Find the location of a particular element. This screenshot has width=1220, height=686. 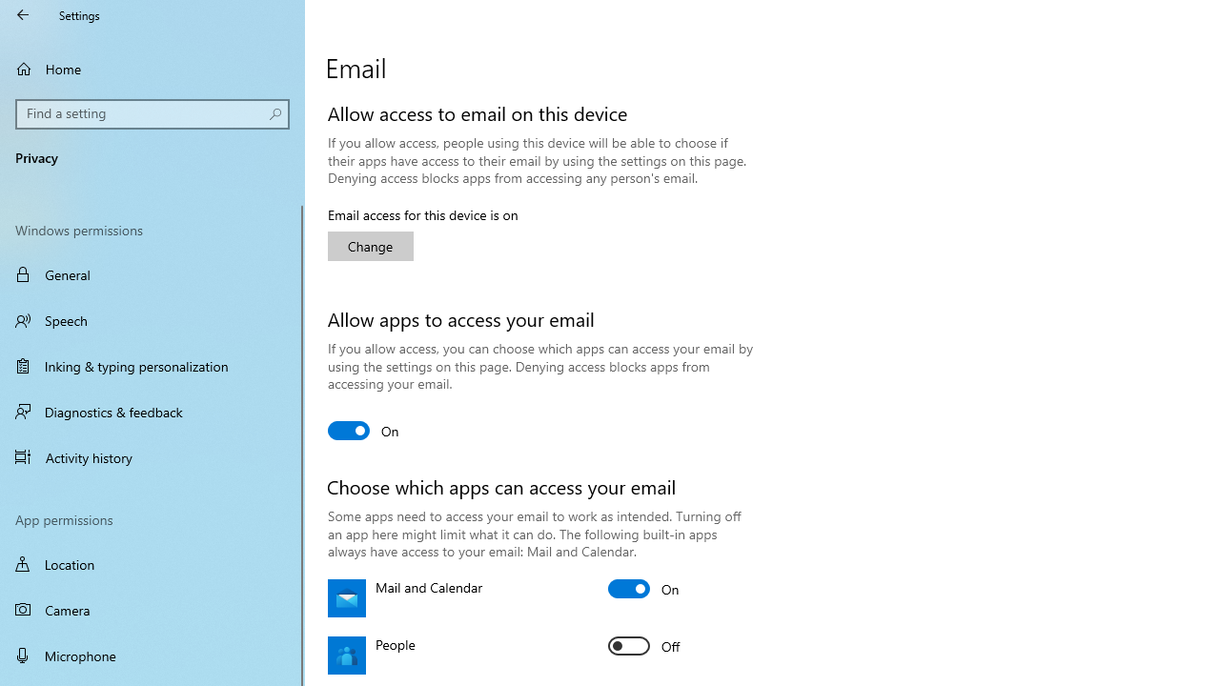

'Inking & typing personalization' is located at coordinates (152, 366).